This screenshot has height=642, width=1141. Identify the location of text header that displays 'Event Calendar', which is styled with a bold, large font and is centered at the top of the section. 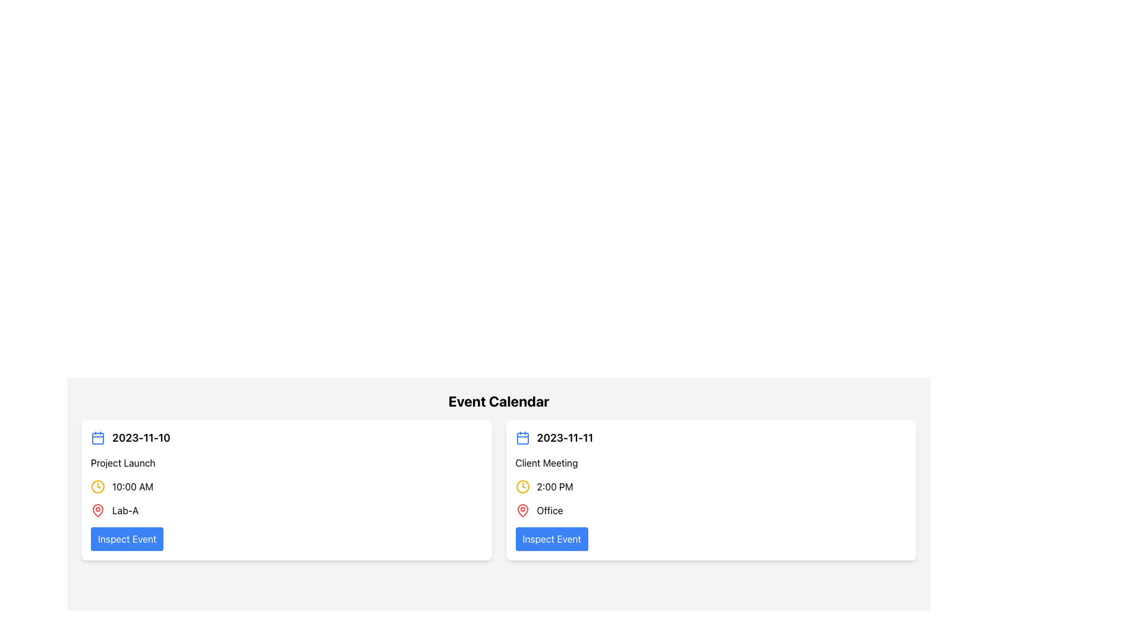
(499, 401).